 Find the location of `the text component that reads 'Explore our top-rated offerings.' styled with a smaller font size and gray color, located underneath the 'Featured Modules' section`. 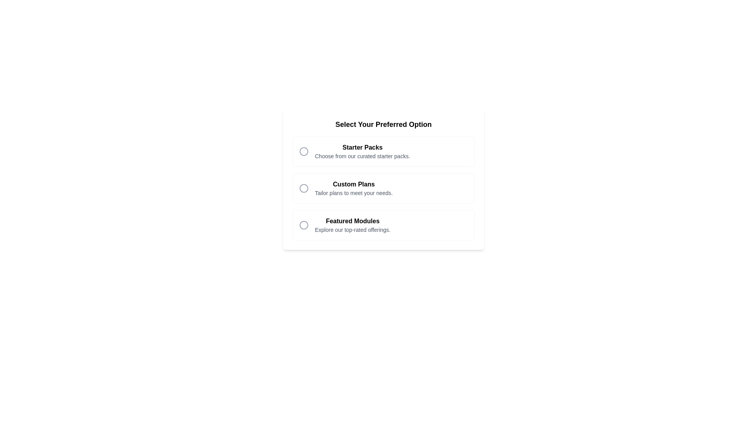

the text component that reads 'Explore our top-rated offerings.' styled with a smaller font size and gray color, located underneath the 'Featured Modules' section is located at coordinates (352, 229).